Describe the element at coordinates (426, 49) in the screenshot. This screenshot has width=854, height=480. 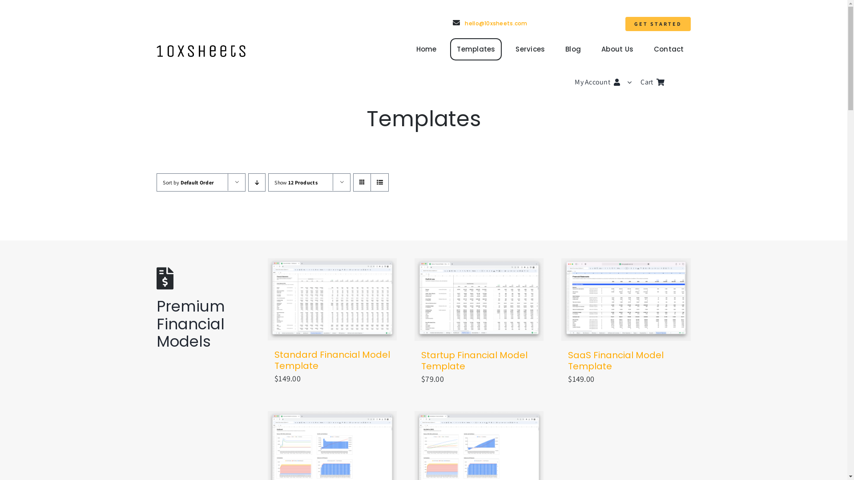
I see `'Home'` at that location.